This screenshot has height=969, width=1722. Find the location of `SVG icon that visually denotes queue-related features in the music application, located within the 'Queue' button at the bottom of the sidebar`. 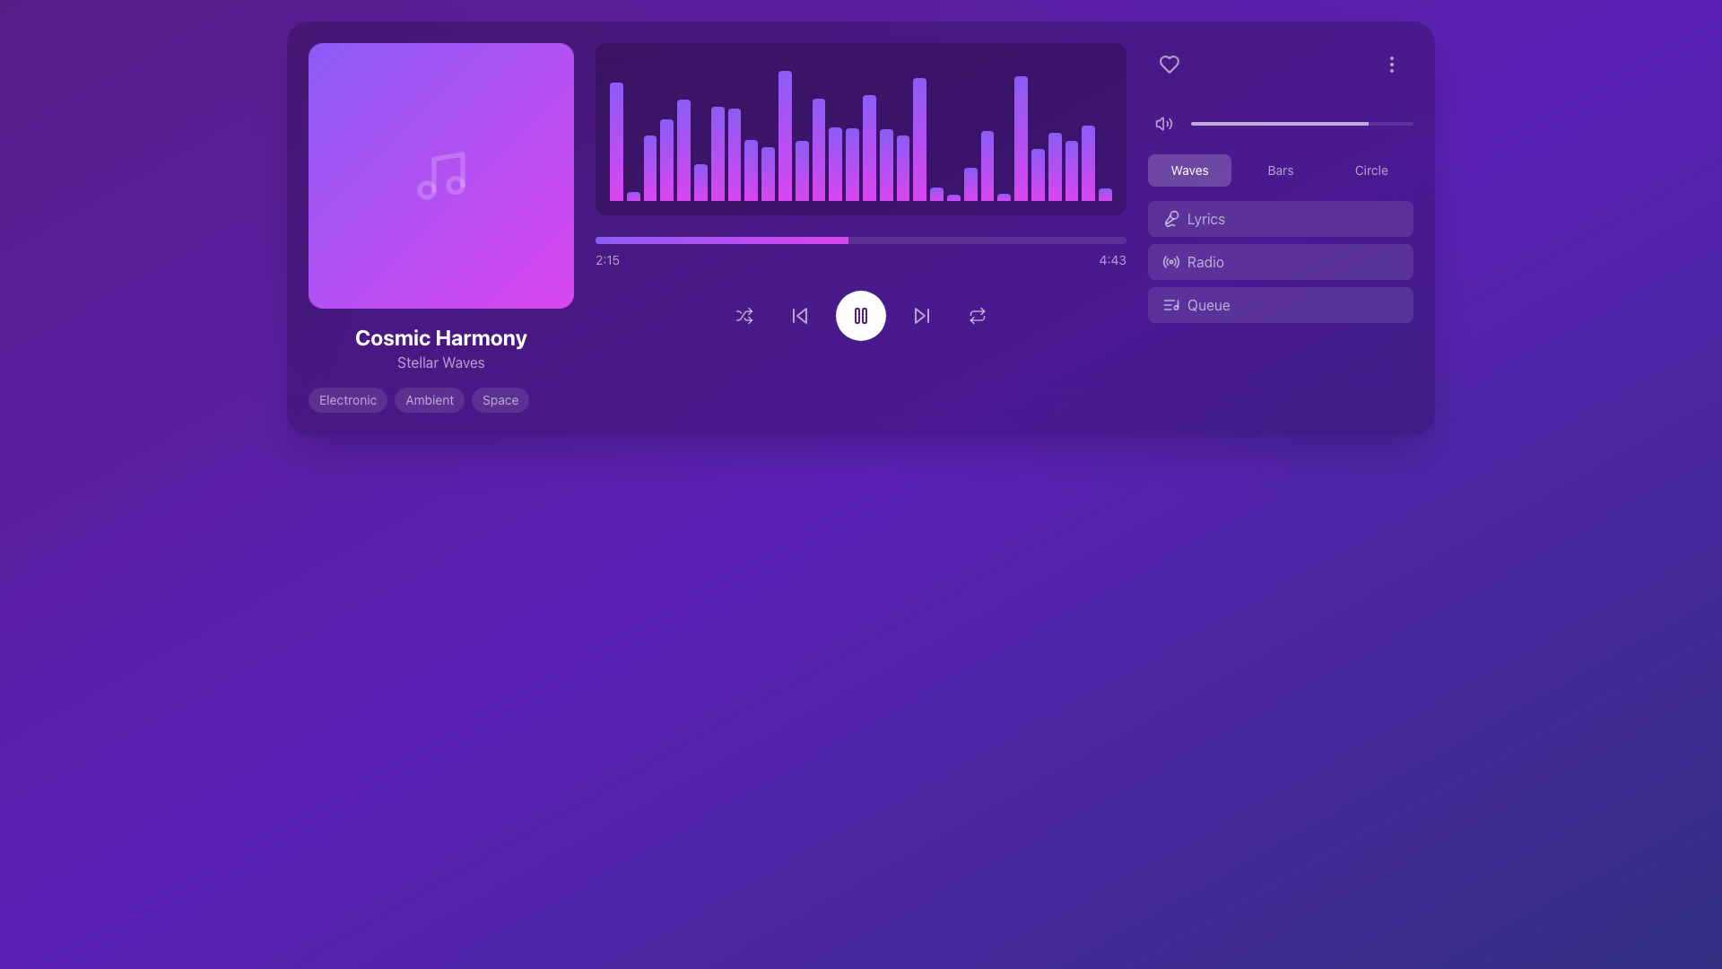

SVG icon that visually denotes queue-related features in the music application, located within the 'Queue' button at the bottom of the sidebar is located at coordinates (1170, 303).